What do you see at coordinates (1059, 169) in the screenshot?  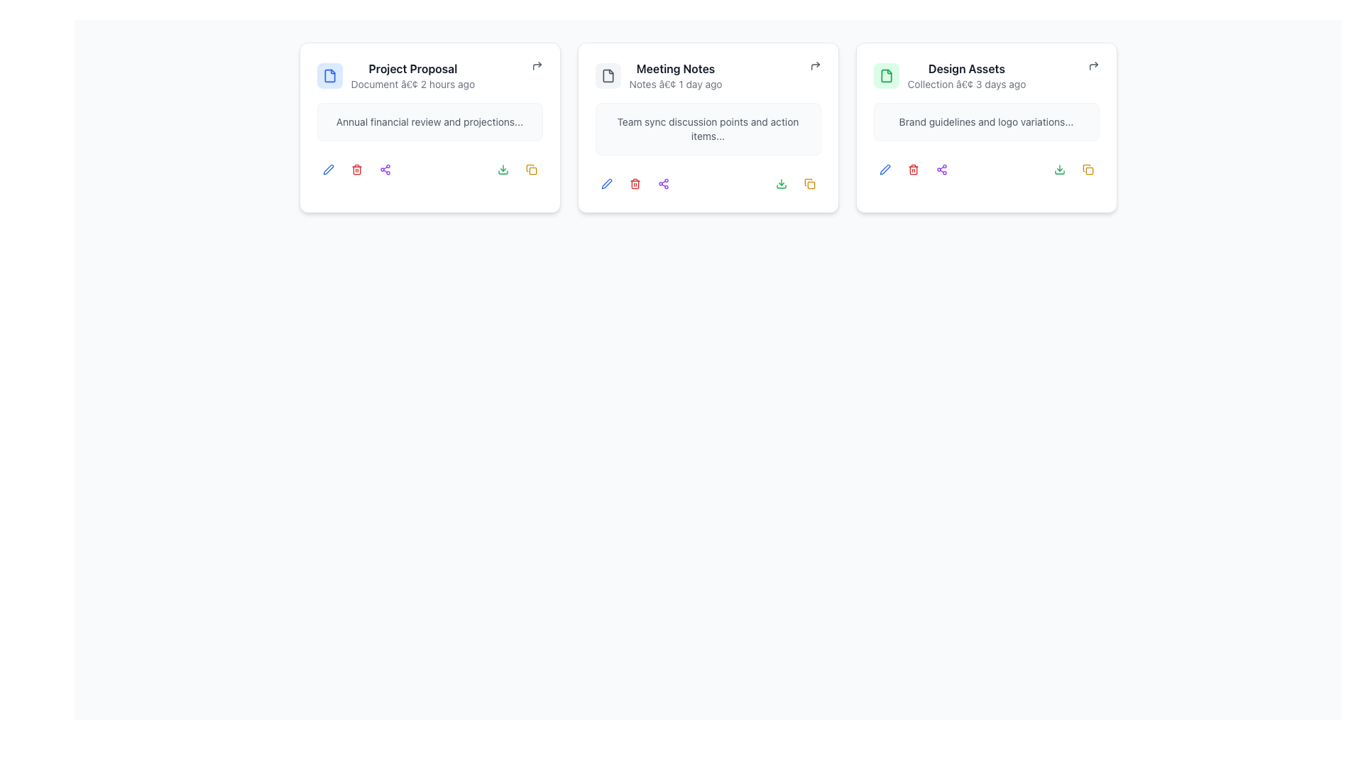 I see `the green download icon located at the bottom-right of the 'Design Assets' card to trigger tooltip or highlight effects` at bounding box center [1059, 169].